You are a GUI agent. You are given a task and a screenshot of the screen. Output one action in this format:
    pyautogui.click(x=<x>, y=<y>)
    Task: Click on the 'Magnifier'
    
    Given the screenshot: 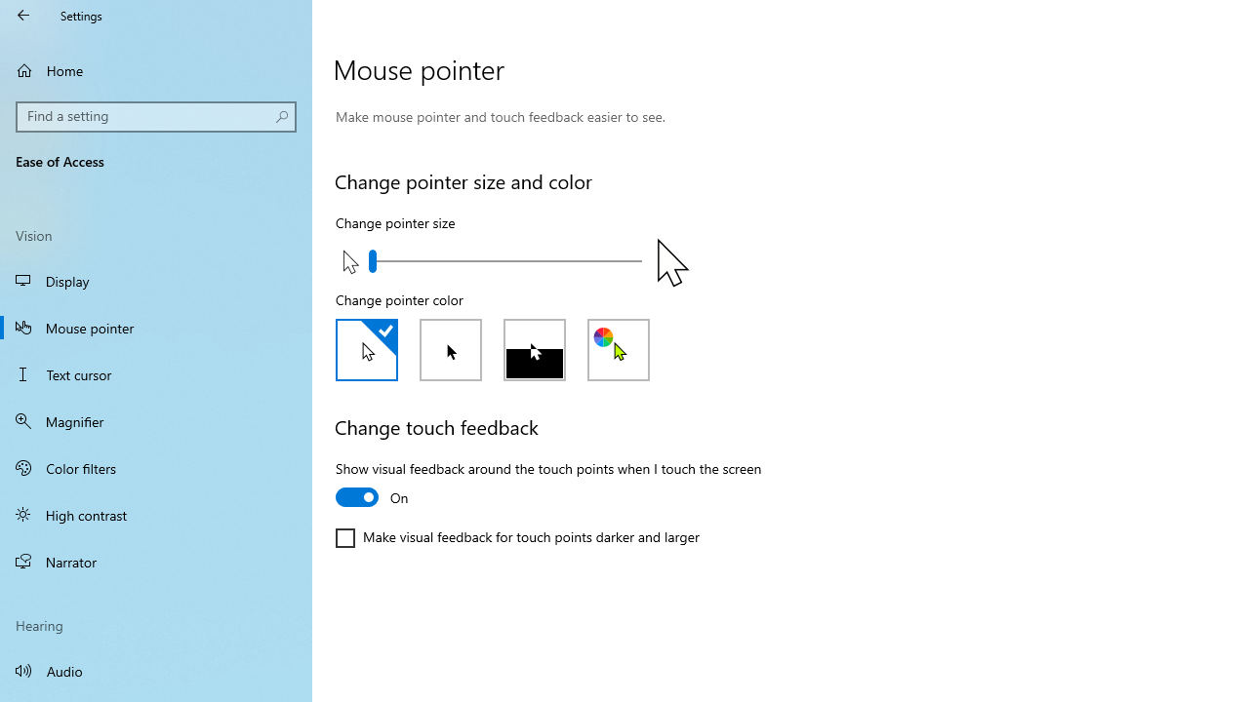 What is the action you would take?
    pyautogui.click(x=156, y=420)
    